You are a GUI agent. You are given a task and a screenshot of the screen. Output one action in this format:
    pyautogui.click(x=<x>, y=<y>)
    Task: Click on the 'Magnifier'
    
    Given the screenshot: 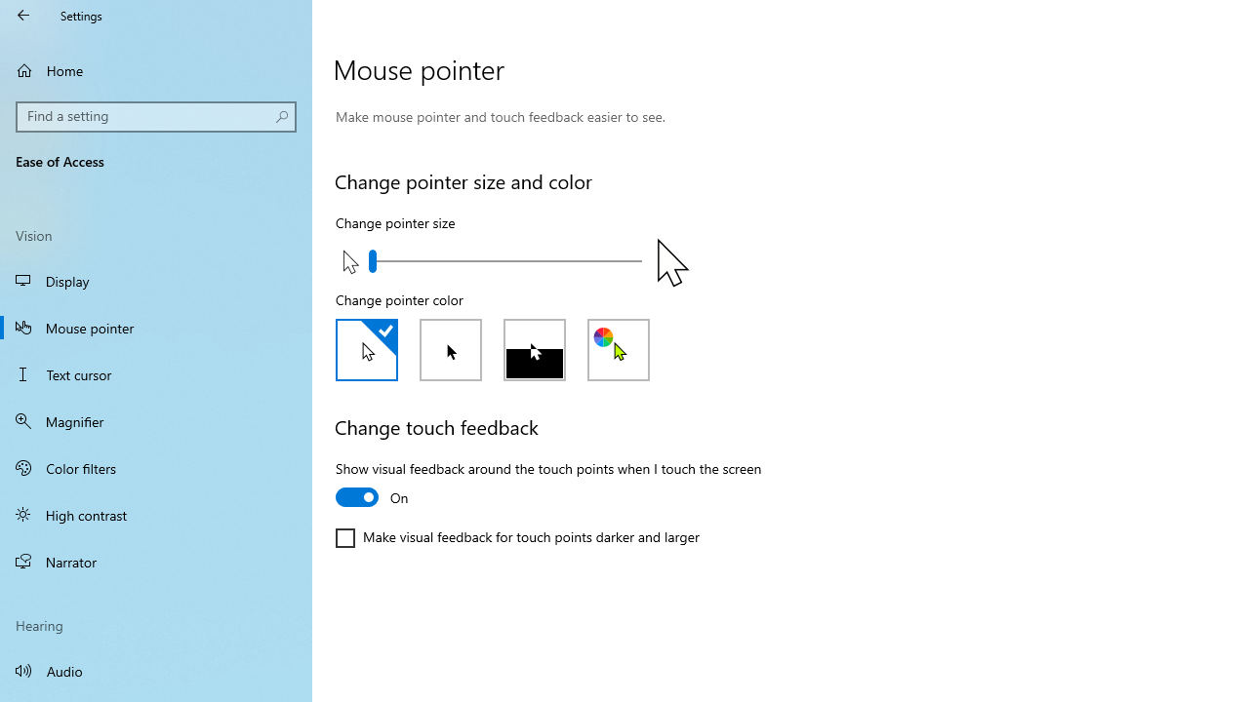 What is the action you would take?
    pyautogui.click(x=156, y=420)
    